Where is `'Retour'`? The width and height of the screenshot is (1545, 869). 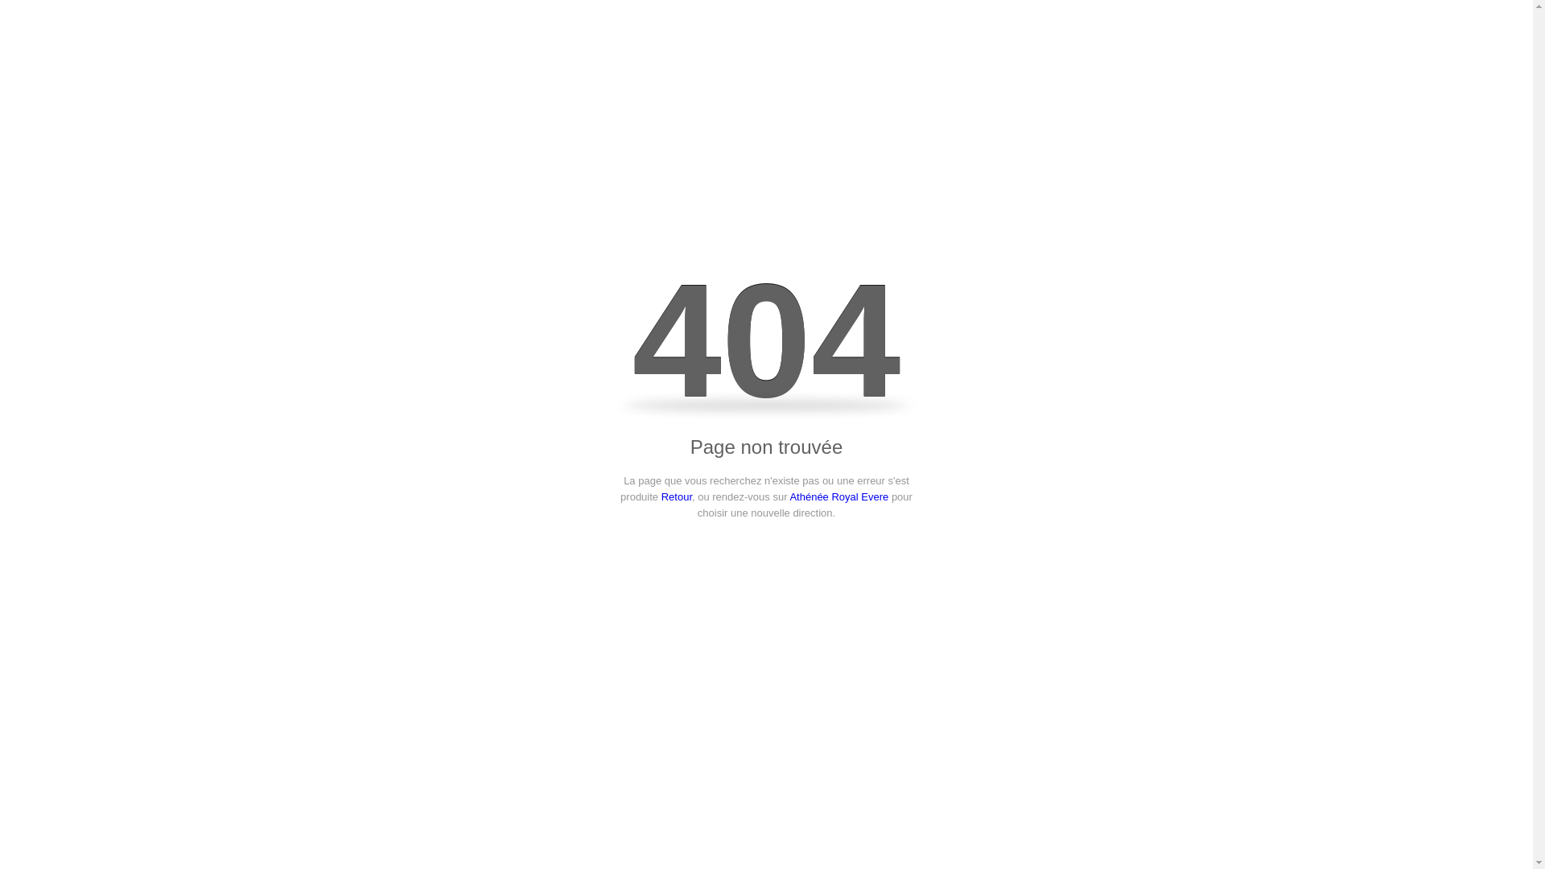 'Retour' is located at coordinates (676, 496).